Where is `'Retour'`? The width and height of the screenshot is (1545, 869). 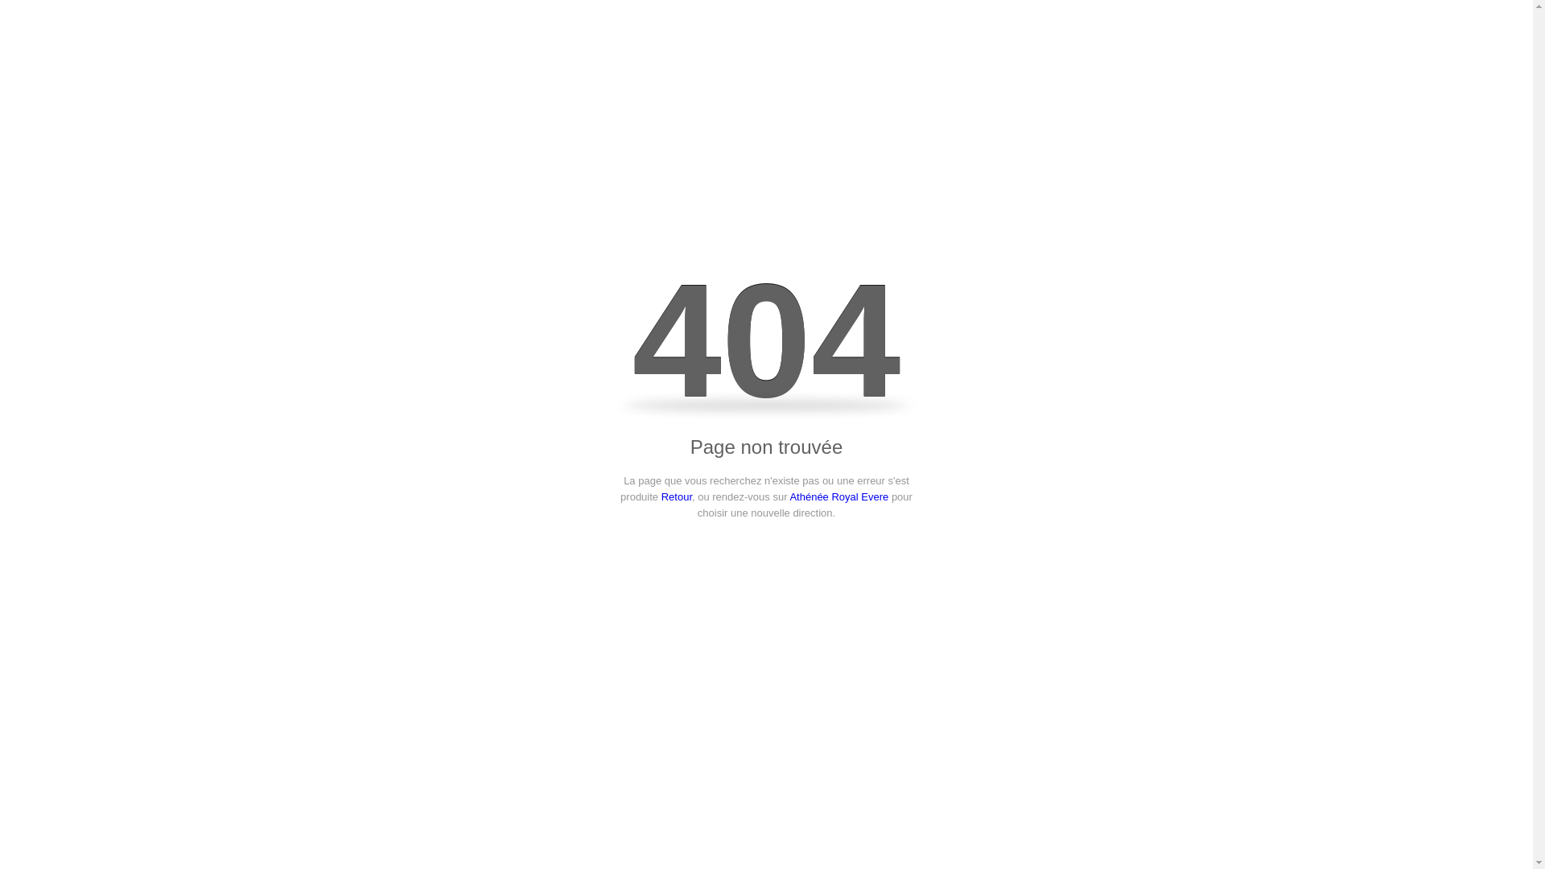 'Retour' is located at coordinates (676, 496).